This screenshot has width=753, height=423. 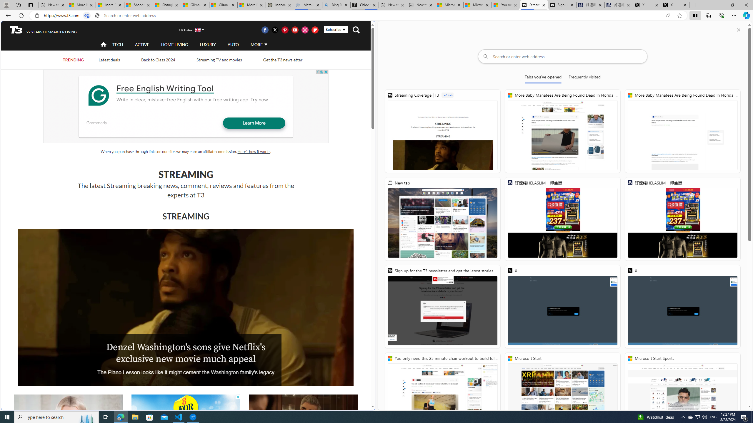 What do you see at coordinates (233, 44) in the screenshot?
I see `'AUTO'` at bounding box center [233, 44].